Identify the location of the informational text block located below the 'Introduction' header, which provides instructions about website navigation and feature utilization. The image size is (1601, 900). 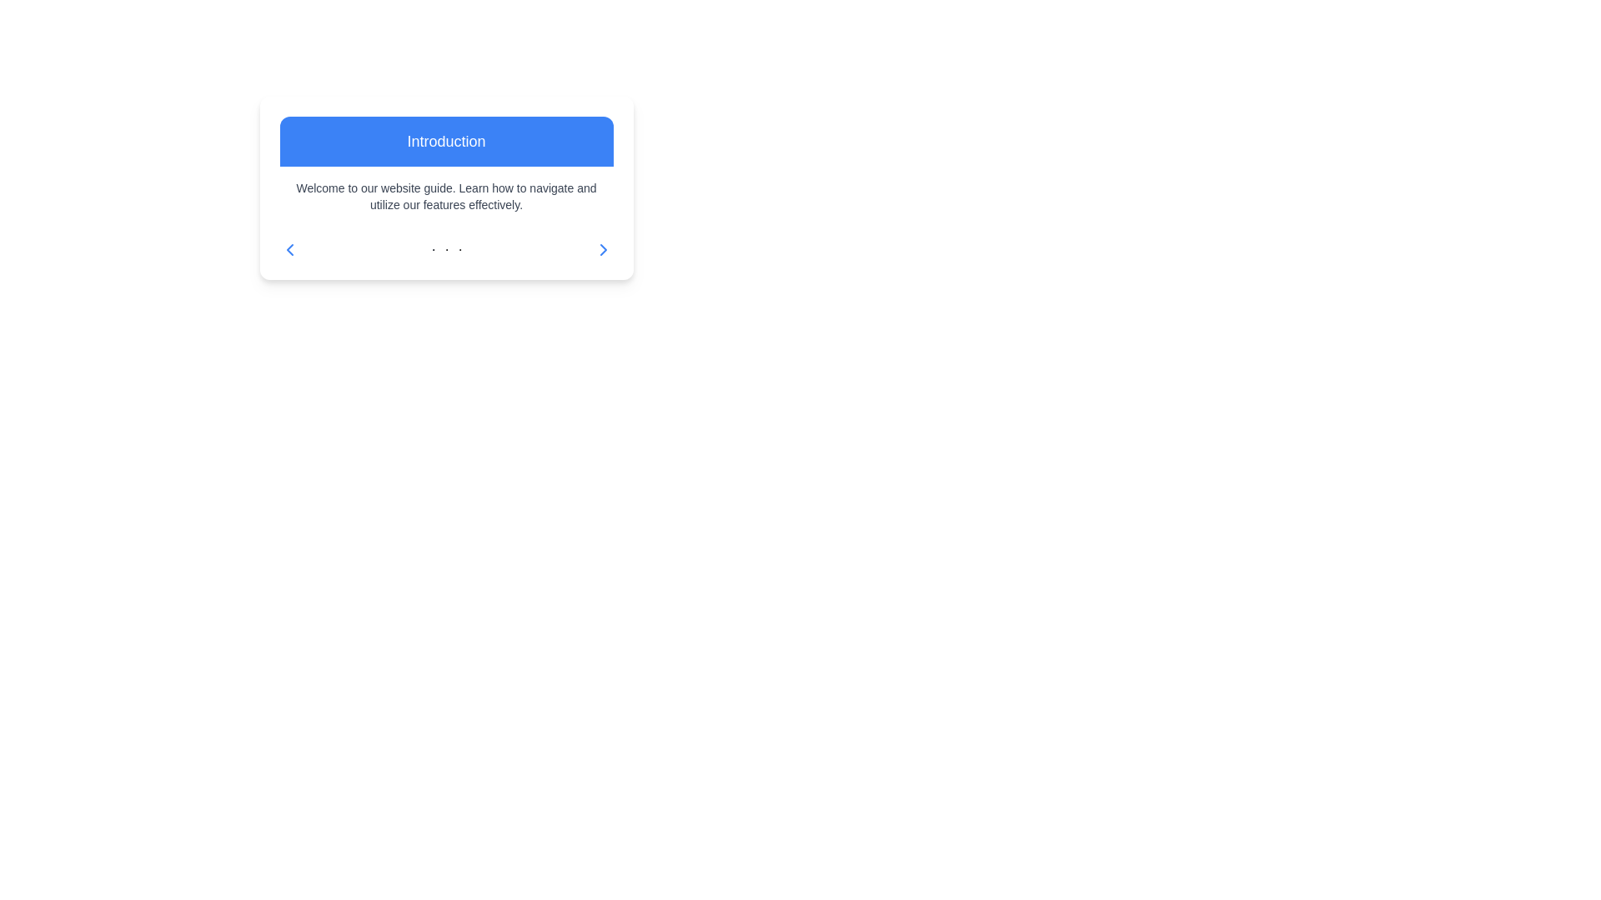
(446, 195).